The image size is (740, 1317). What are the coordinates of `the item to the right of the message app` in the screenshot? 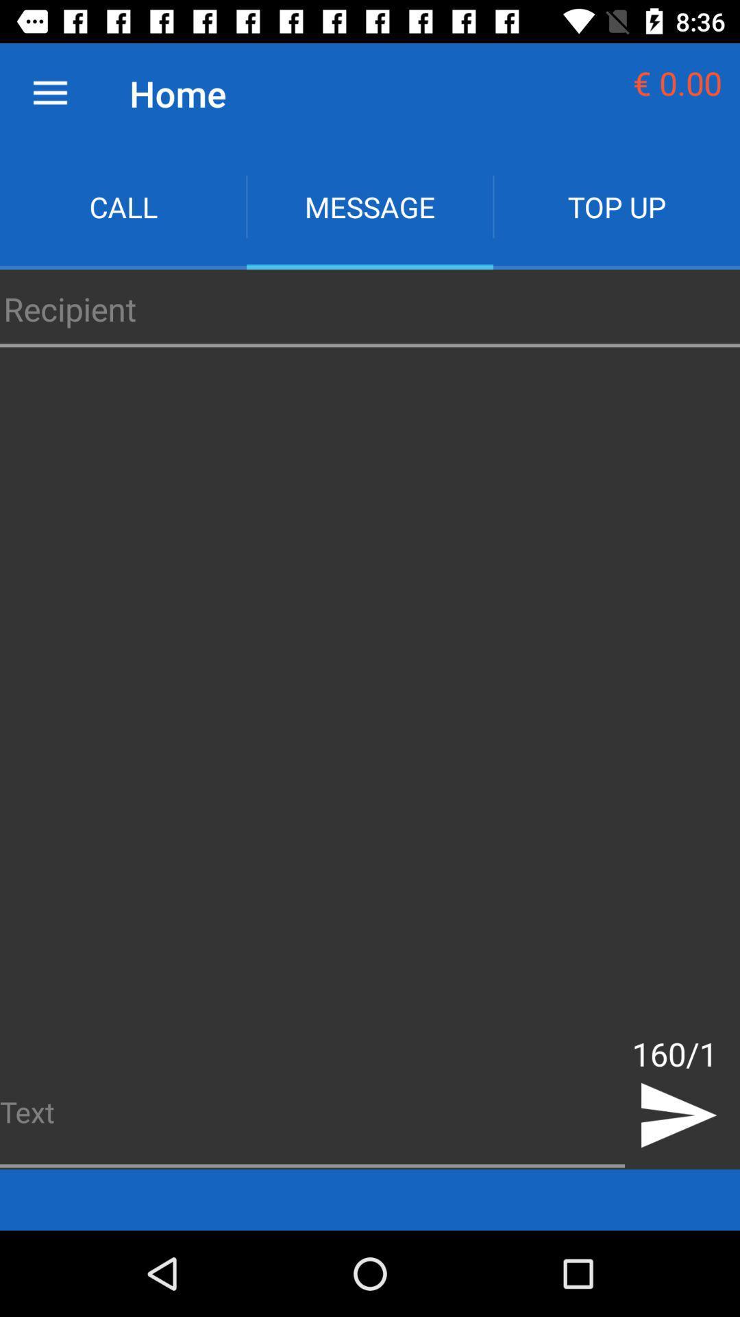 It's located at (615, 206).